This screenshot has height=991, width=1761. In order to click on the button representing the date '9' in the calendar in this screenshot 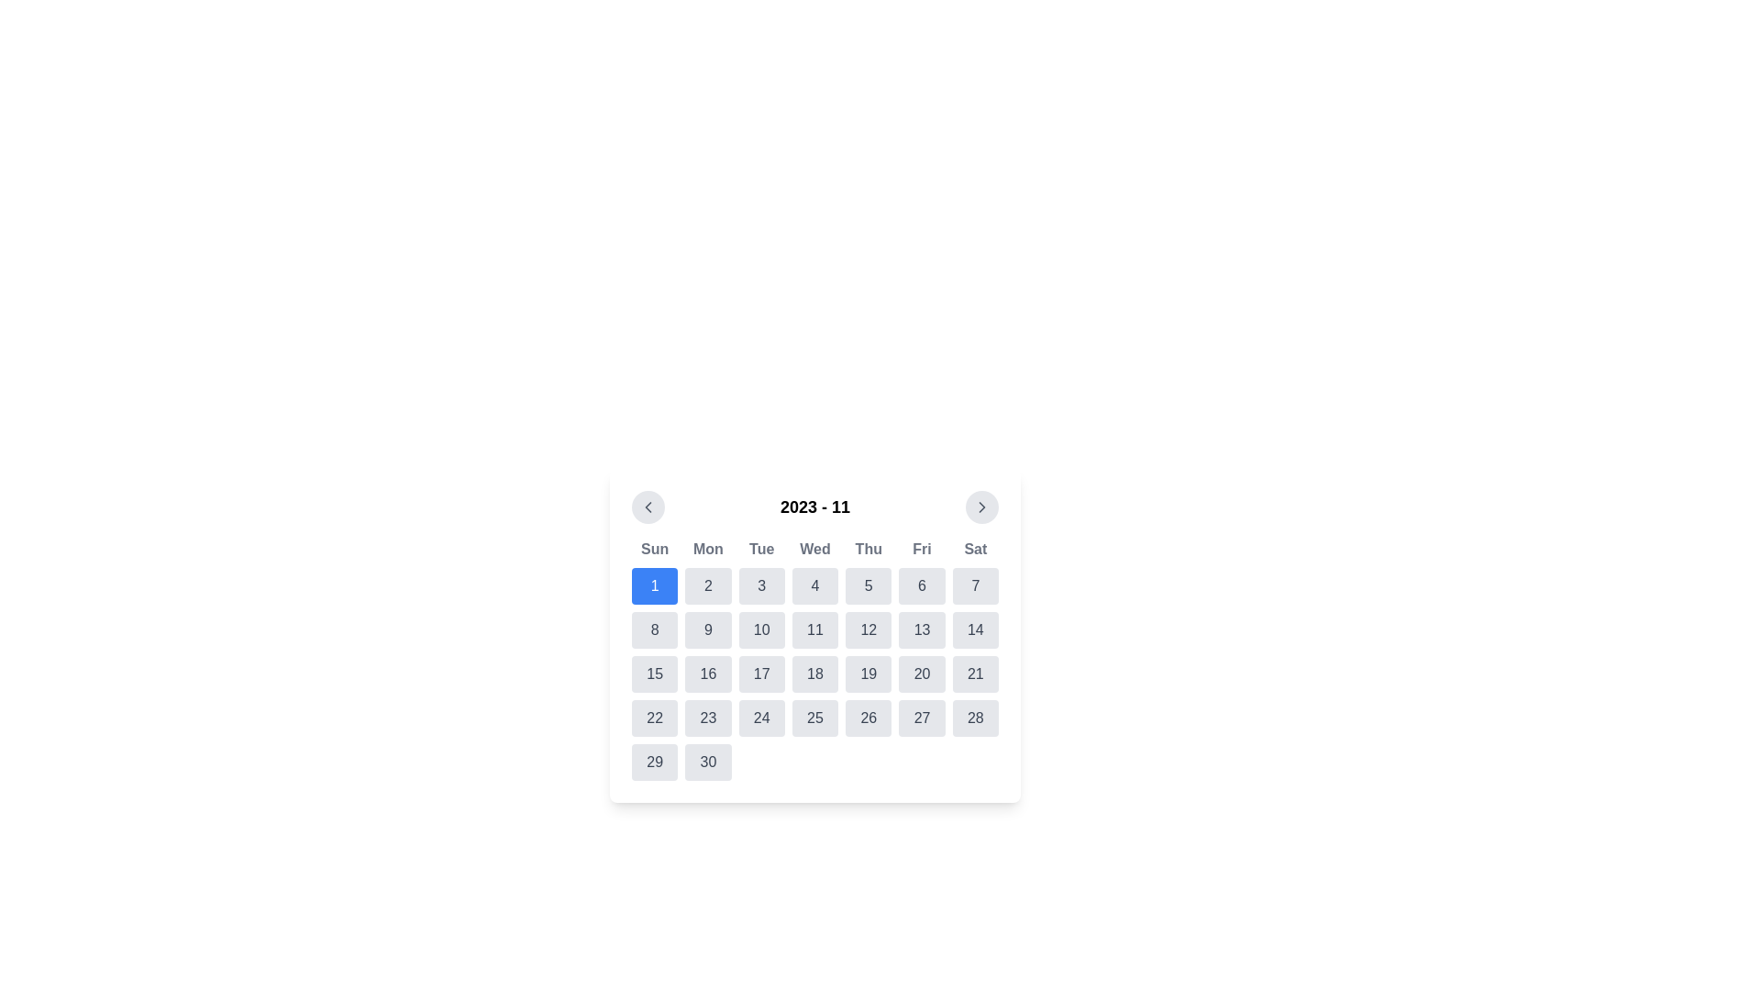, I will do `click(707, 629)`.